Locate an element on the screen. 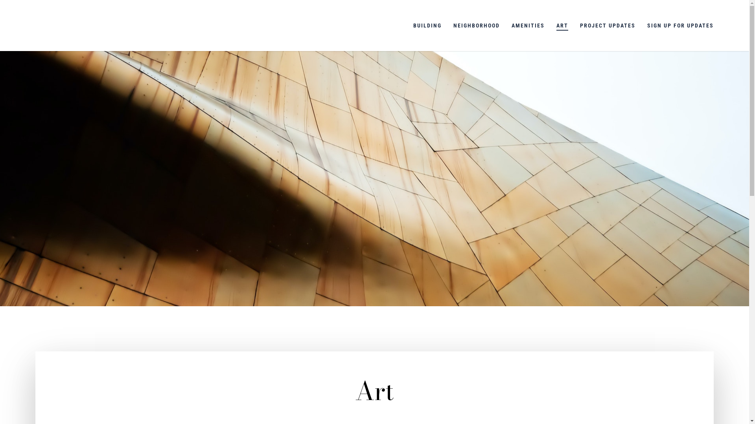  'AMENITIES' is located at coordinates (528, 25).